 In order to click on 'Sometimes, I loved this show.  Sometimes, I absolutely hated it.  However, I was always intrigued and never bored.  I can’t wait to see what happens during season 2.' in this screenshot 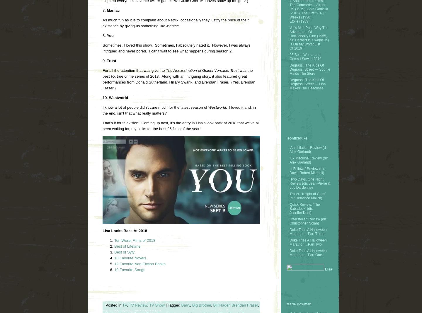, I will do `click(176, 48)`.